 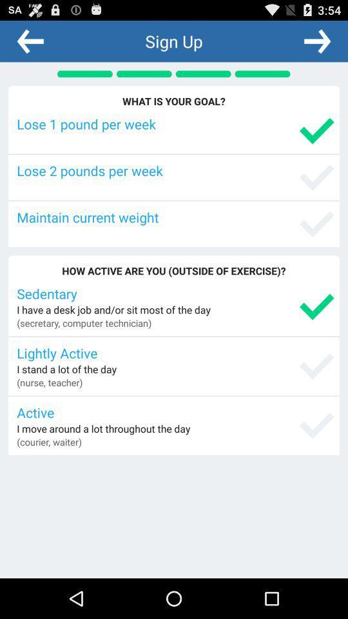 What do you see at coordinates (30, 41) in the screenshot?
I see `the item above the what is your app` at bounding box center [30, 41].